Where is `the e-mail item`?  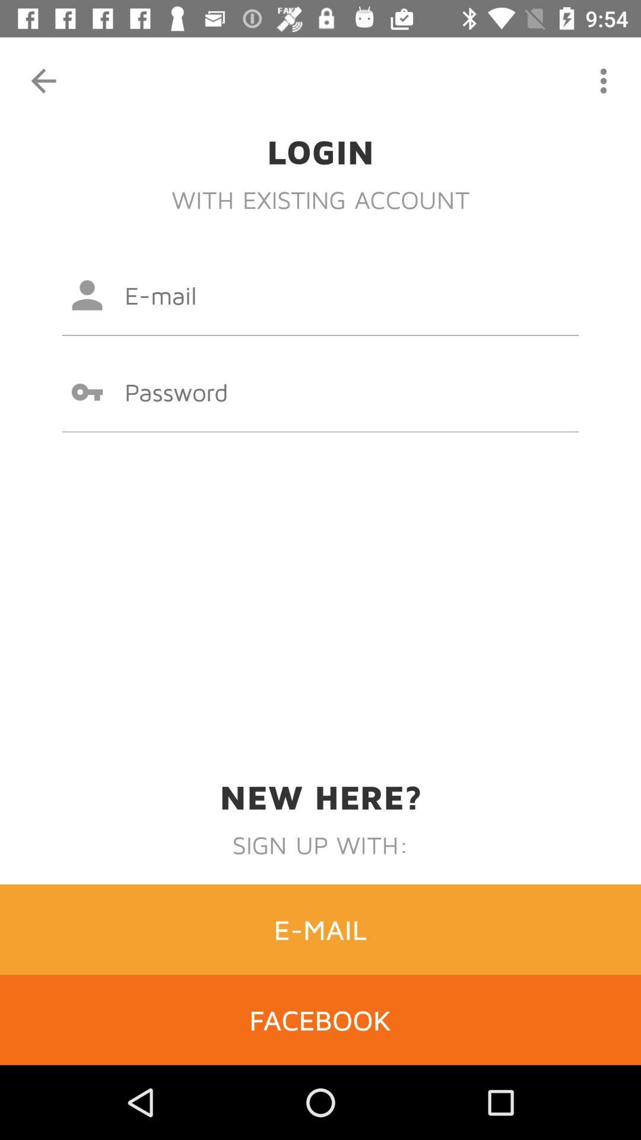 the e-mail item is located at coordinates (320, 929).